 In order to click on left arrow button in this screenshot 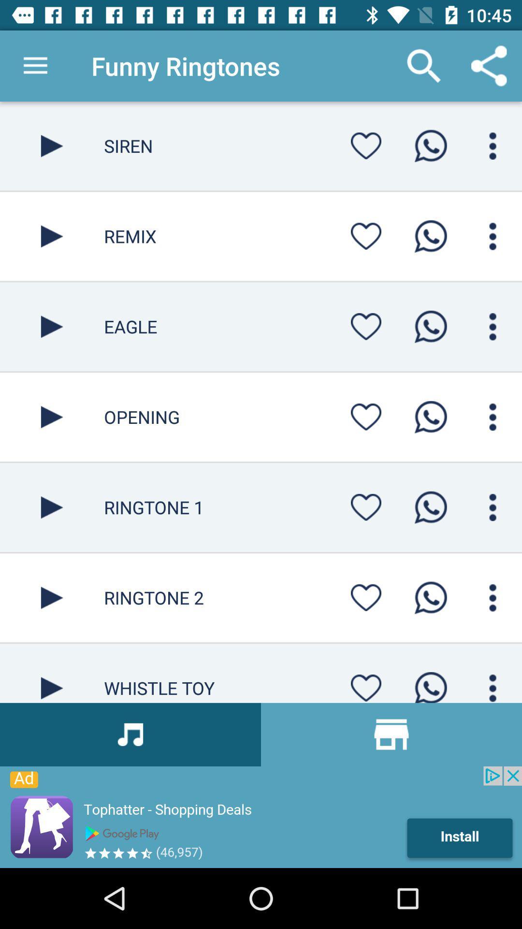, I will do `click(52, 145)`.